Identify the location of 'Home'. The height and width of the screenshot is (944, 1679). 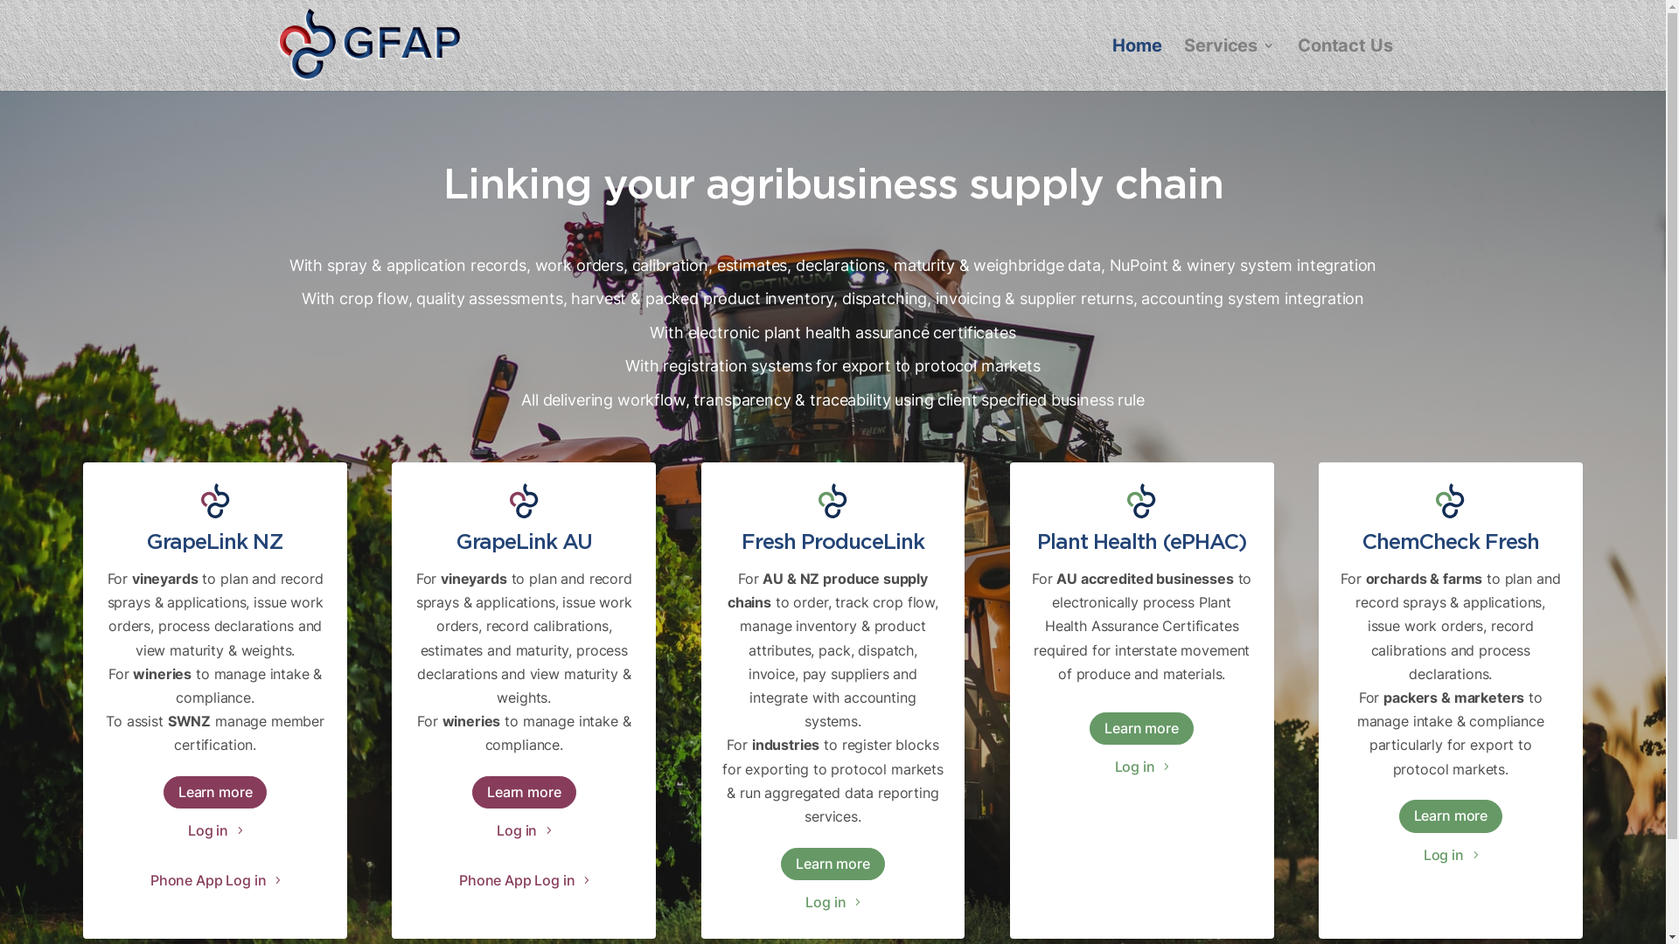
(1137, 64).